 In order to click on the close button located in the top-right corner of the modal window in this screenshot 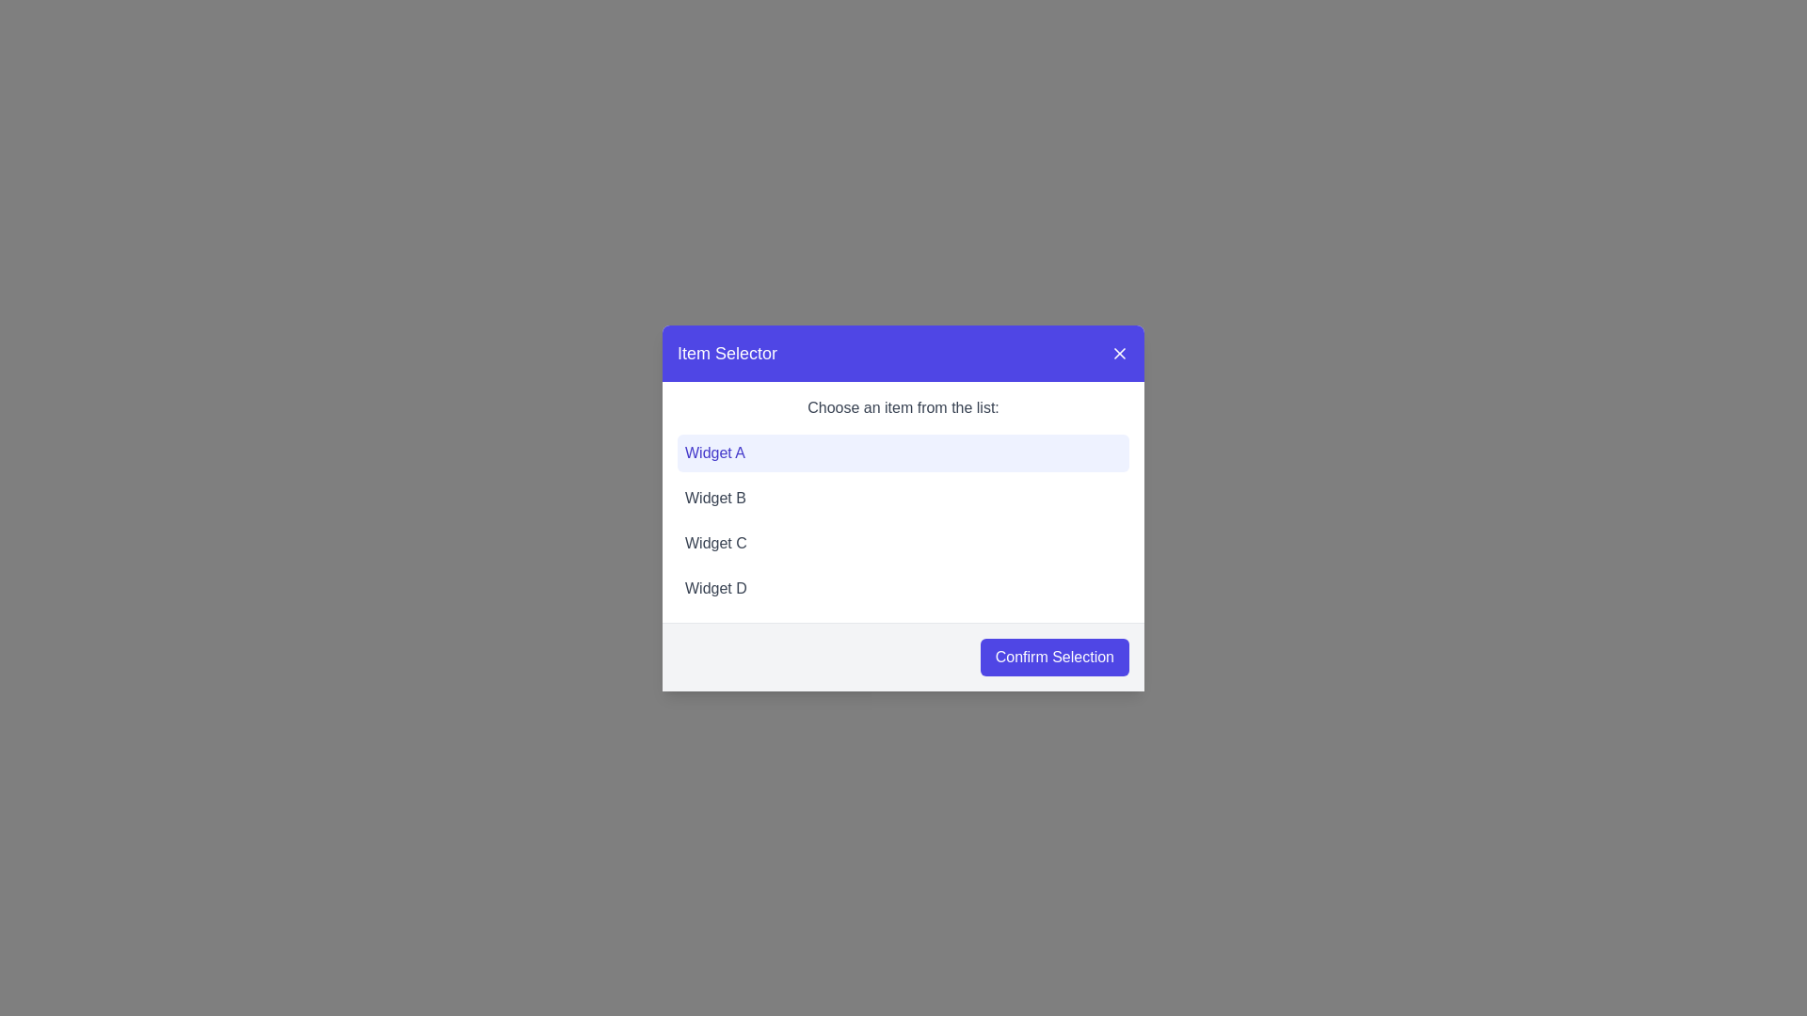, I will do `click(1120, 353)`.